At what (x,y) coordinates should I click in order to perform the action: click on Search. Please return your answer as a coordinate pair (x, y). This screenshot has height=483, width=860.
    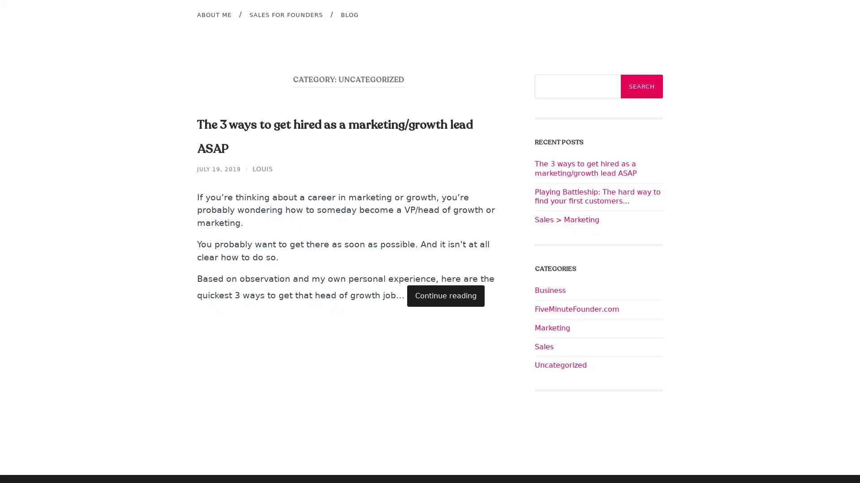
    Looking at the image, I should click on (641, 86).